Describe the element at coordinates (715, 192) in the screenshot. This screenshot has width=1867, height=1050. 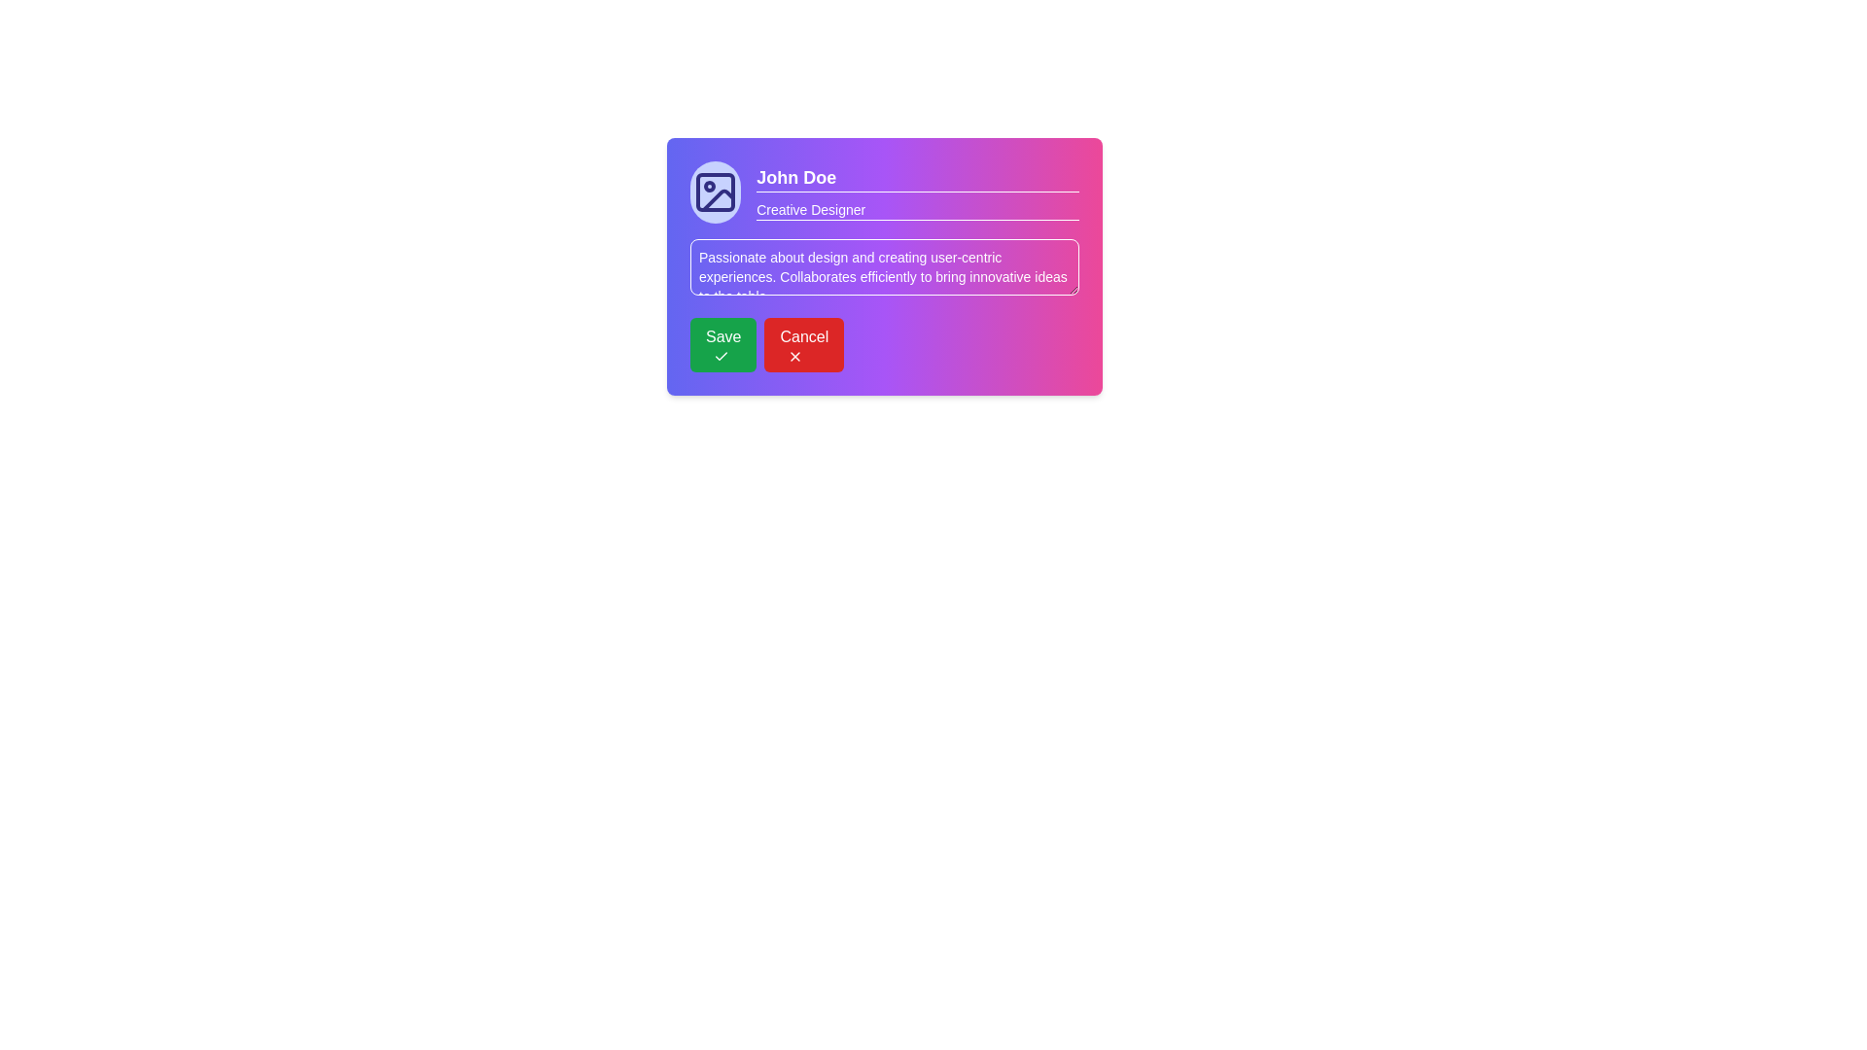
I see `the icon styled as an image representation within a circular border` at that location.